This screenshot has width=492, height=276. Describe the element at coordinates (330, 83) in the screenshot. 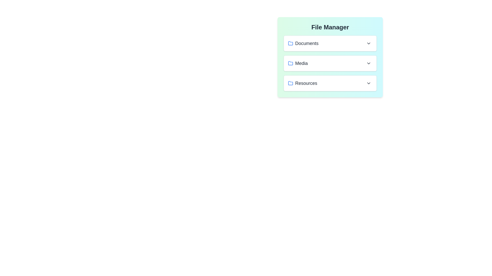

I see `the file EBook.epub from the folder Resources` at that location.